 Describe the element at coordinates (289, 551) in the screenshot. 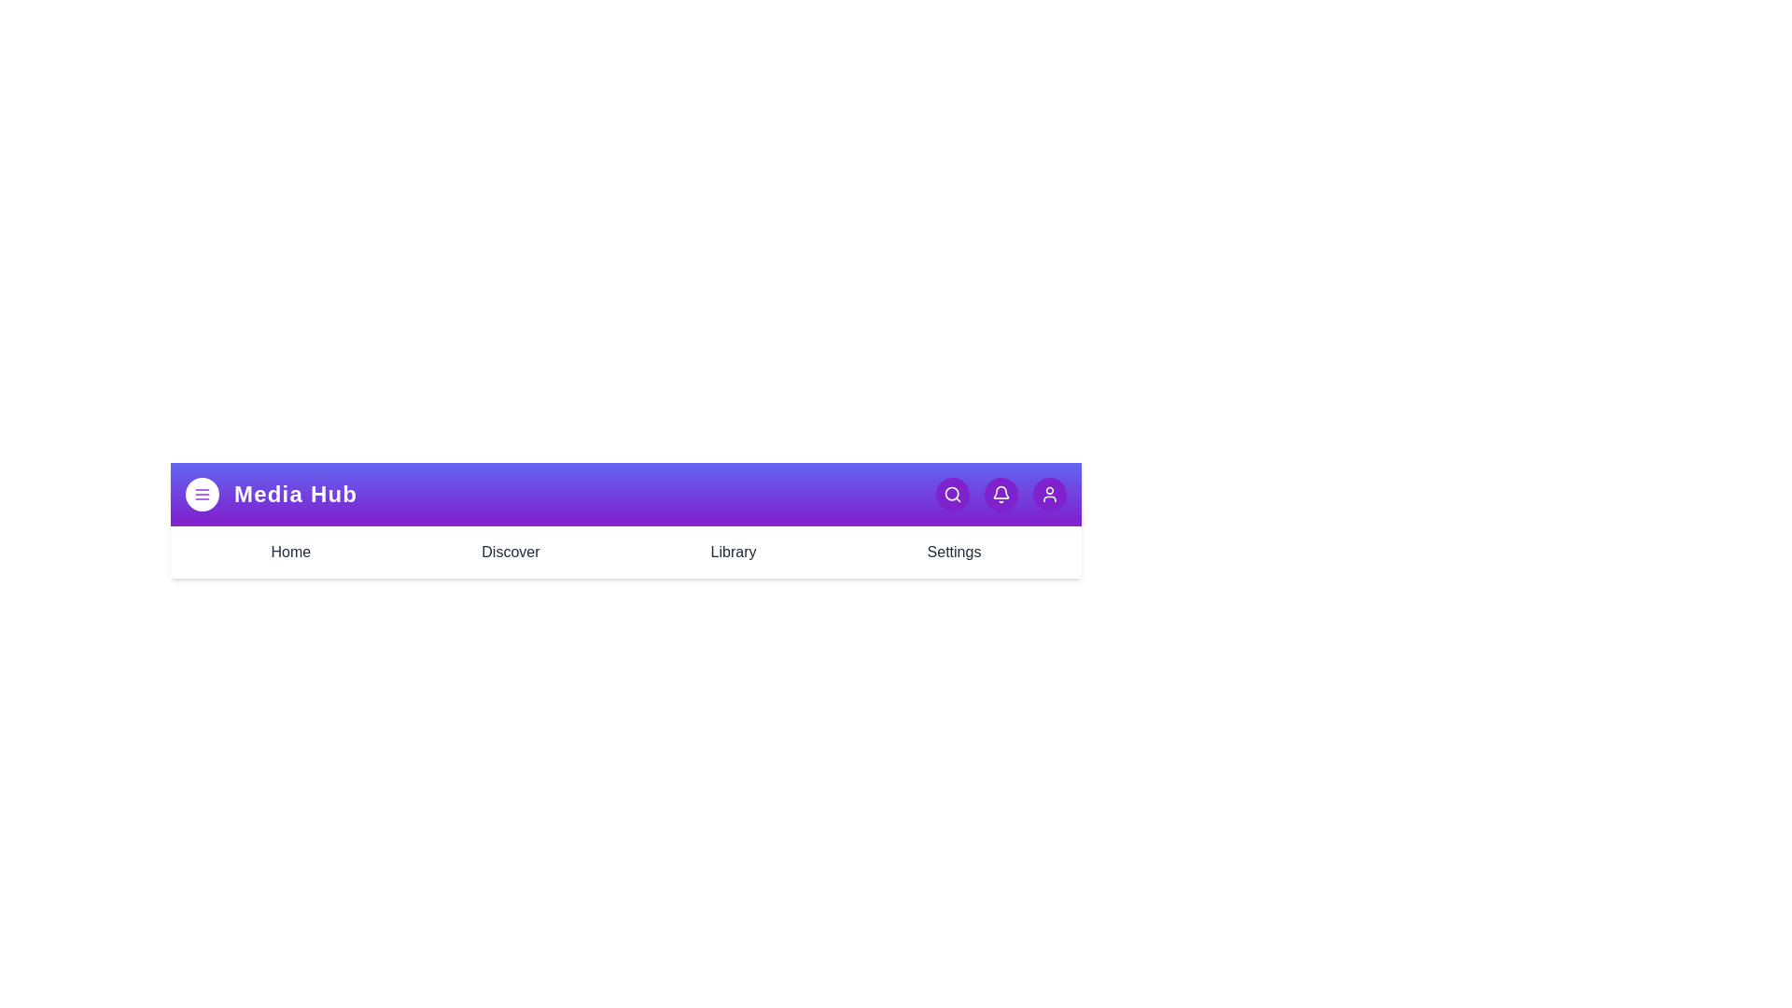

I see `the Home tab to navigate to the respective section` at that location.